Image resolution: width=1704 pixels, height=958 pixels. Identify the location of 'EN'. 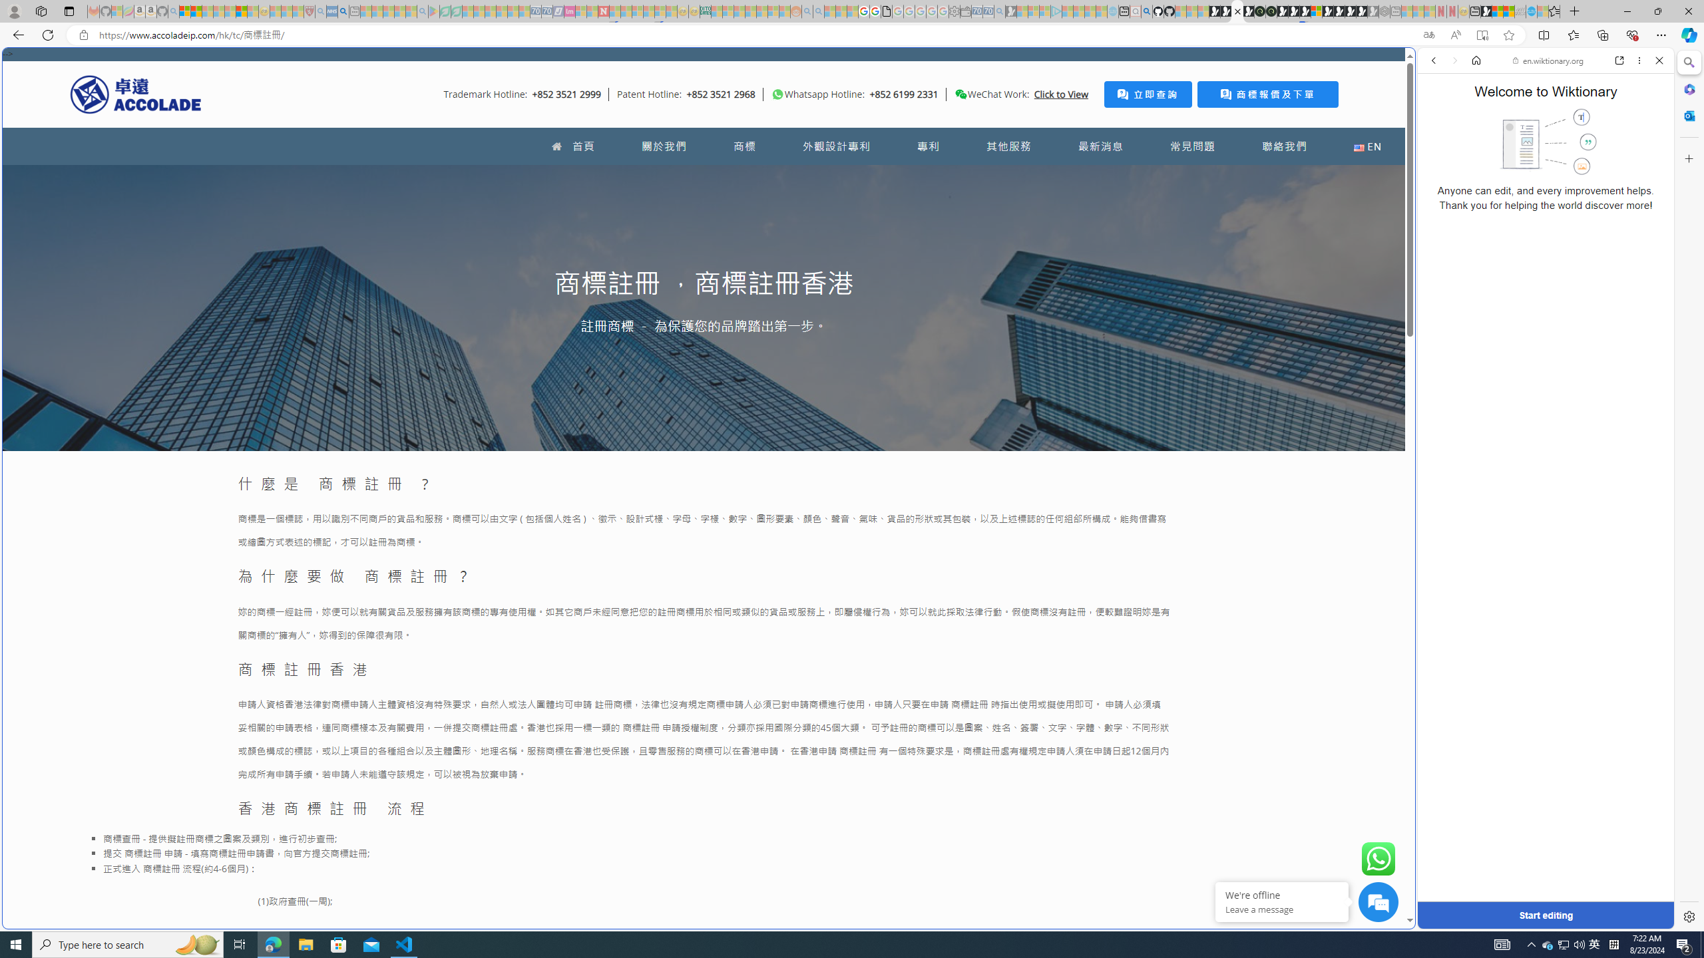
(1367, 146).